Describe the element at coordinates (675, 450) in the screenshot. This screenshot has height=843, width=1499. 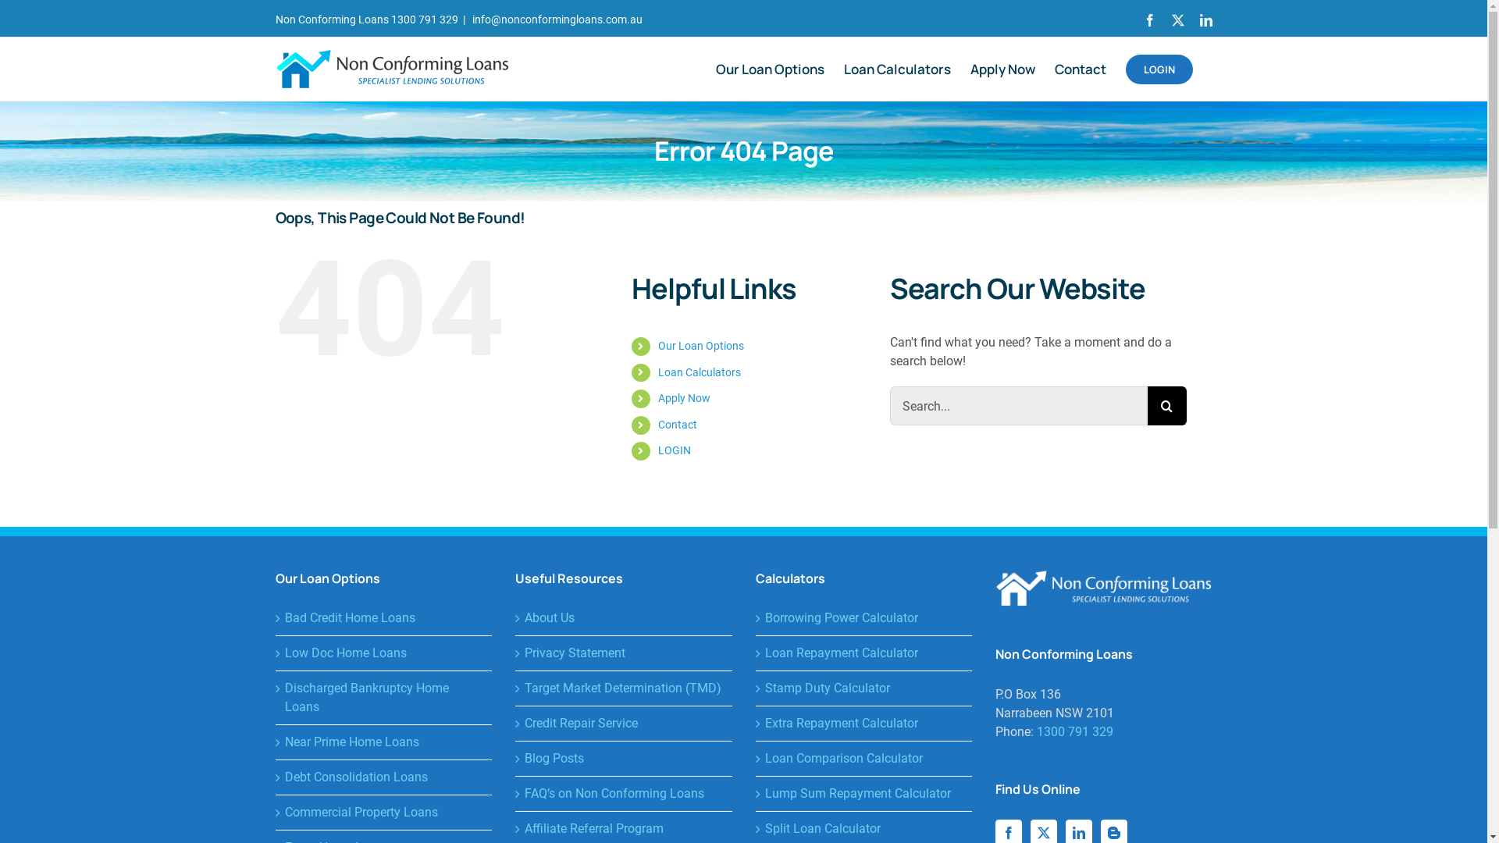
I see `'LOGIN'` at that location.